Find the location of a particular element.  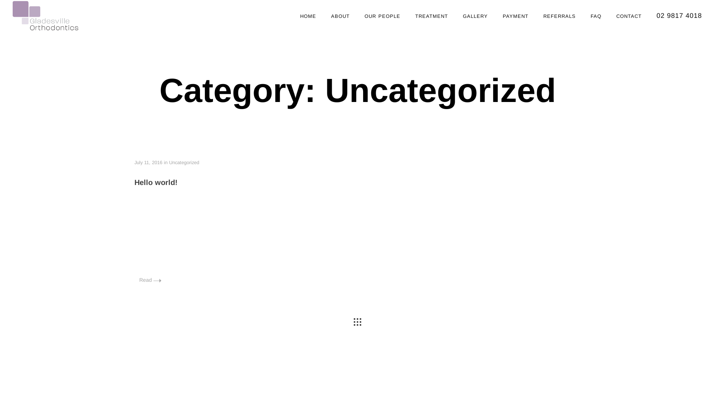

'payment' is located at coordinates (515, 16).